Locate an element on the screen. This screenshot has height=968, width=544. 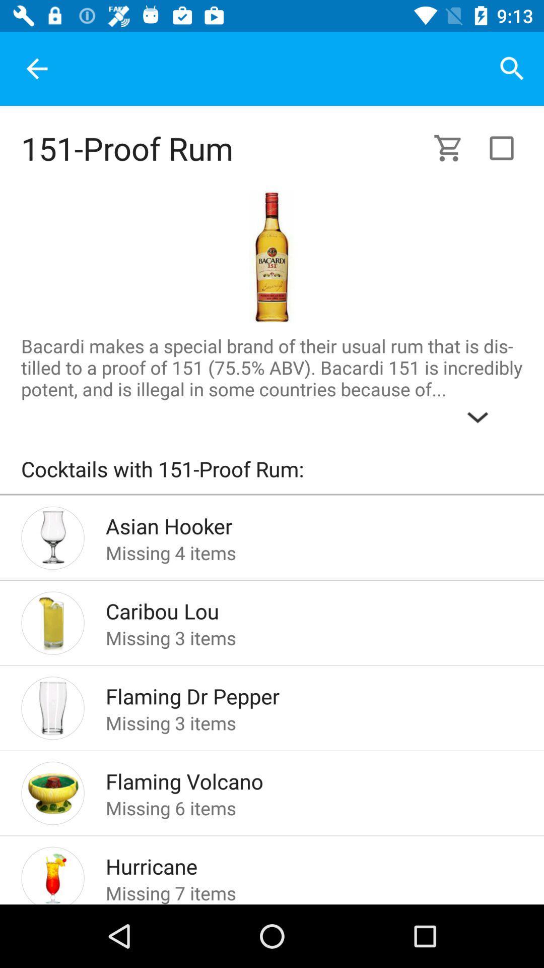
cocktails with 151 is located at coordinates (272, 473).